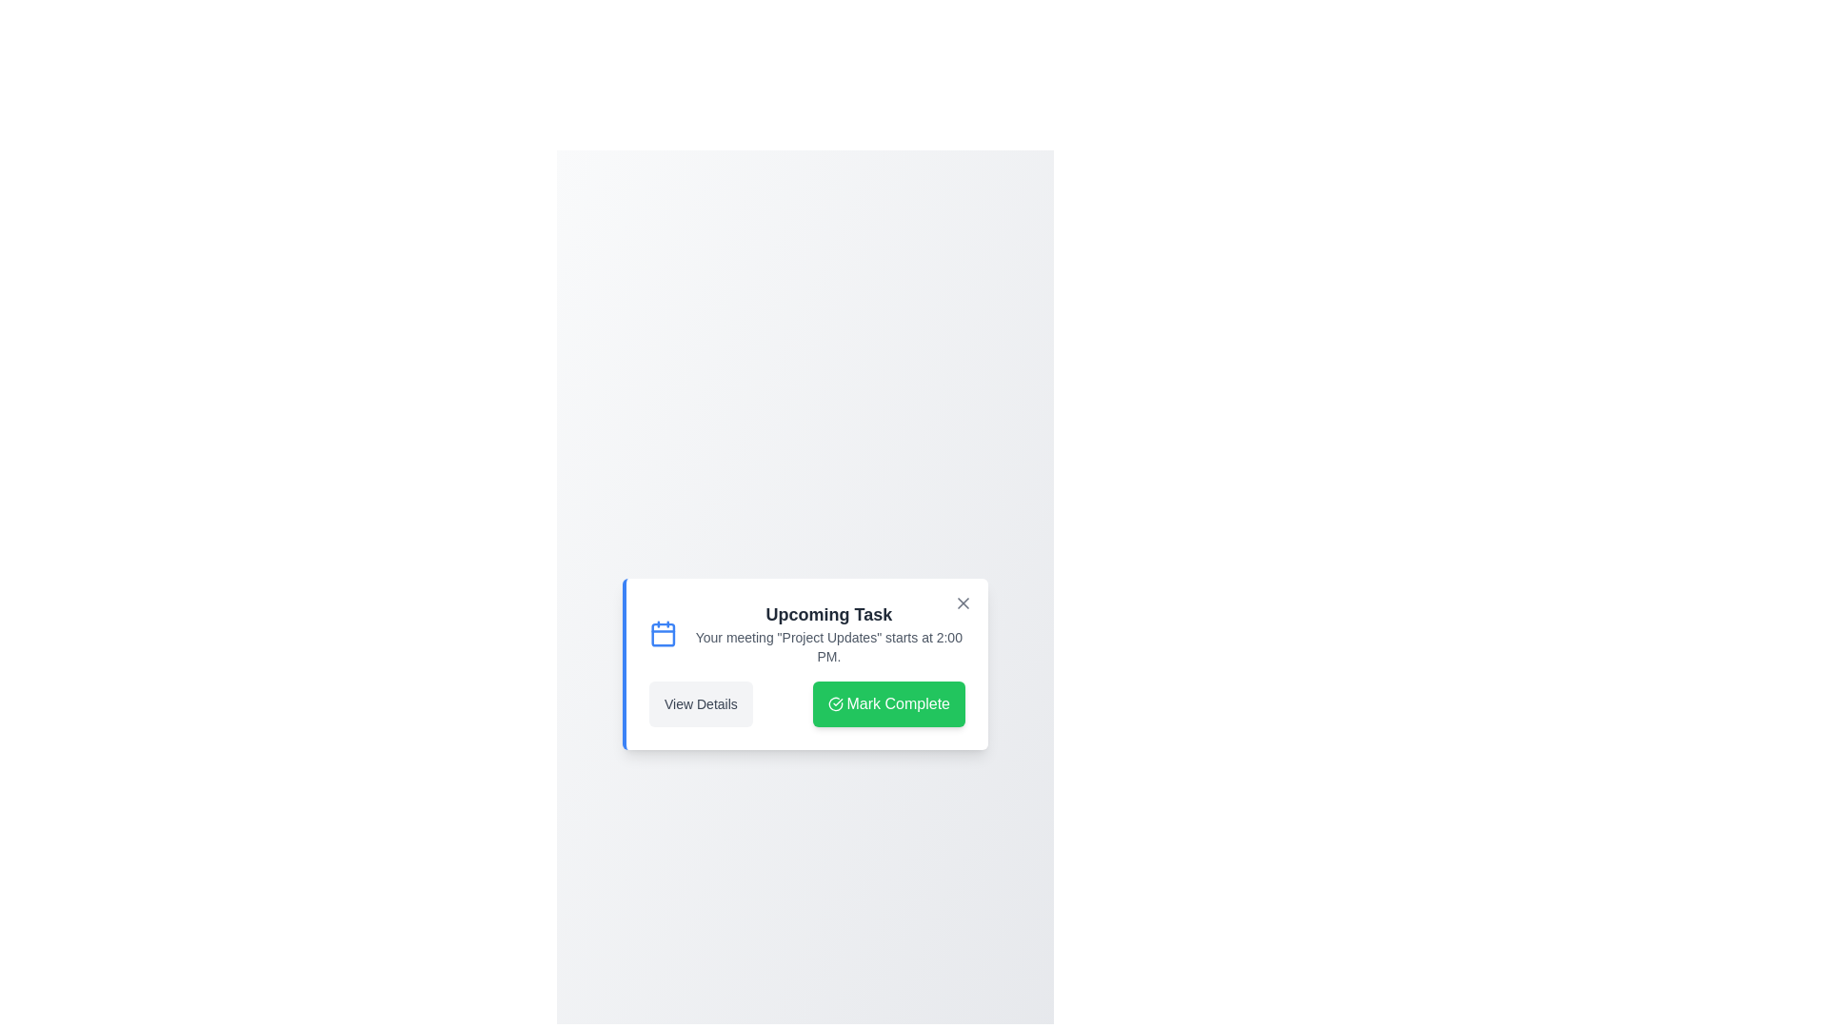  Describe the element at coordinates (699, 704) in the screenshot. I see `the 'View Details' button to view the task details` at that location.